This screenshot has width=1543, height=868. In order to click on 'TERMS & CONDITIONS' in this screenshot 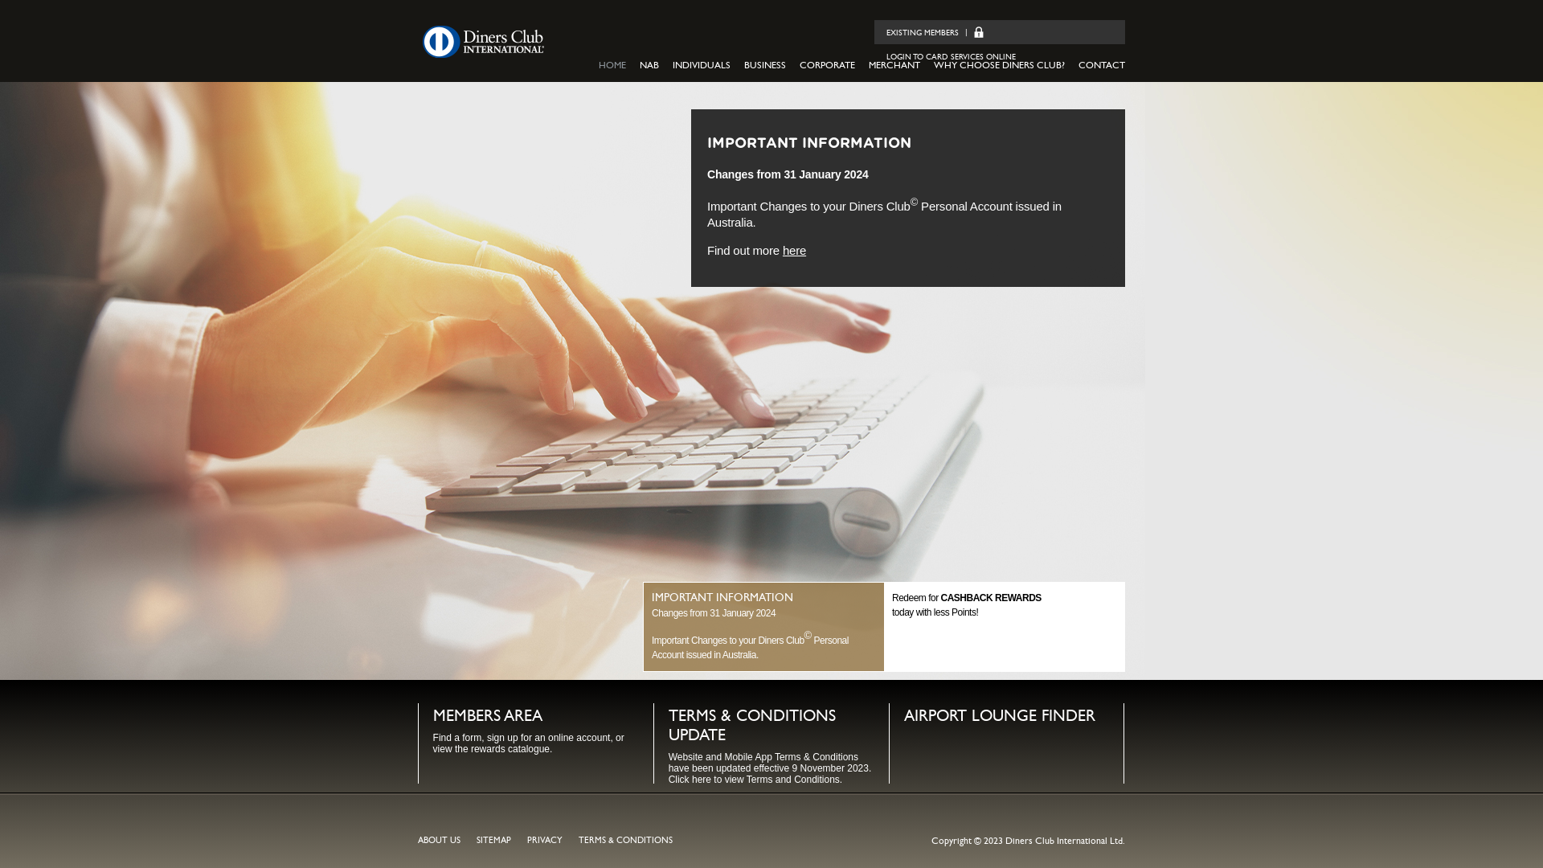, I will do `click(624, 839)`.